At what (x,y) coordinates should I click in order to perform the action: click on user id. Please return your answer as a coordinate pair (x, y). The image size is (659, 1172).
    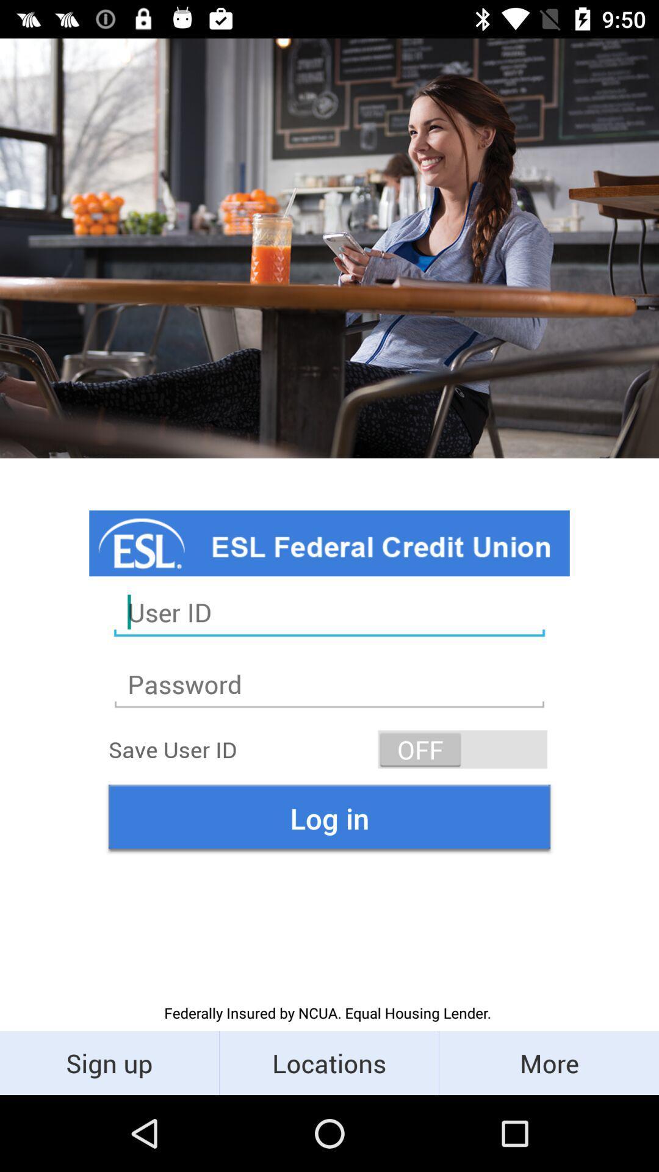
    Looking at the image, I should click on (329, 612).